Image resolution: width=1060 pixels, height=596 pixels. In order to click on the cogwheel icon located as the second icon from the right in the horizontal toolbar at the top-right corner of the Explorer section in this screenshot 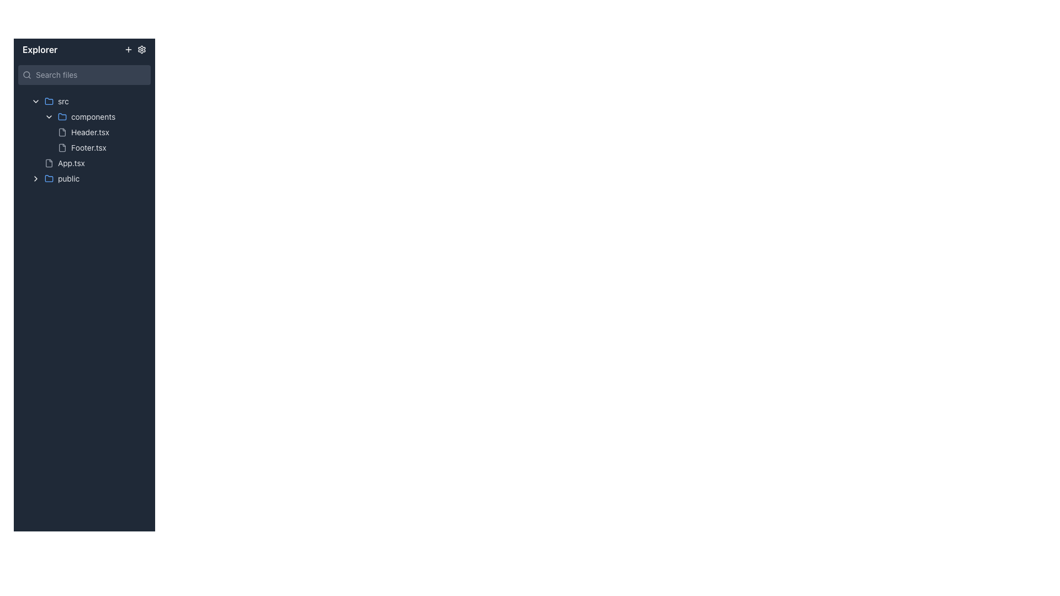, I will do `click(141, 49)`.